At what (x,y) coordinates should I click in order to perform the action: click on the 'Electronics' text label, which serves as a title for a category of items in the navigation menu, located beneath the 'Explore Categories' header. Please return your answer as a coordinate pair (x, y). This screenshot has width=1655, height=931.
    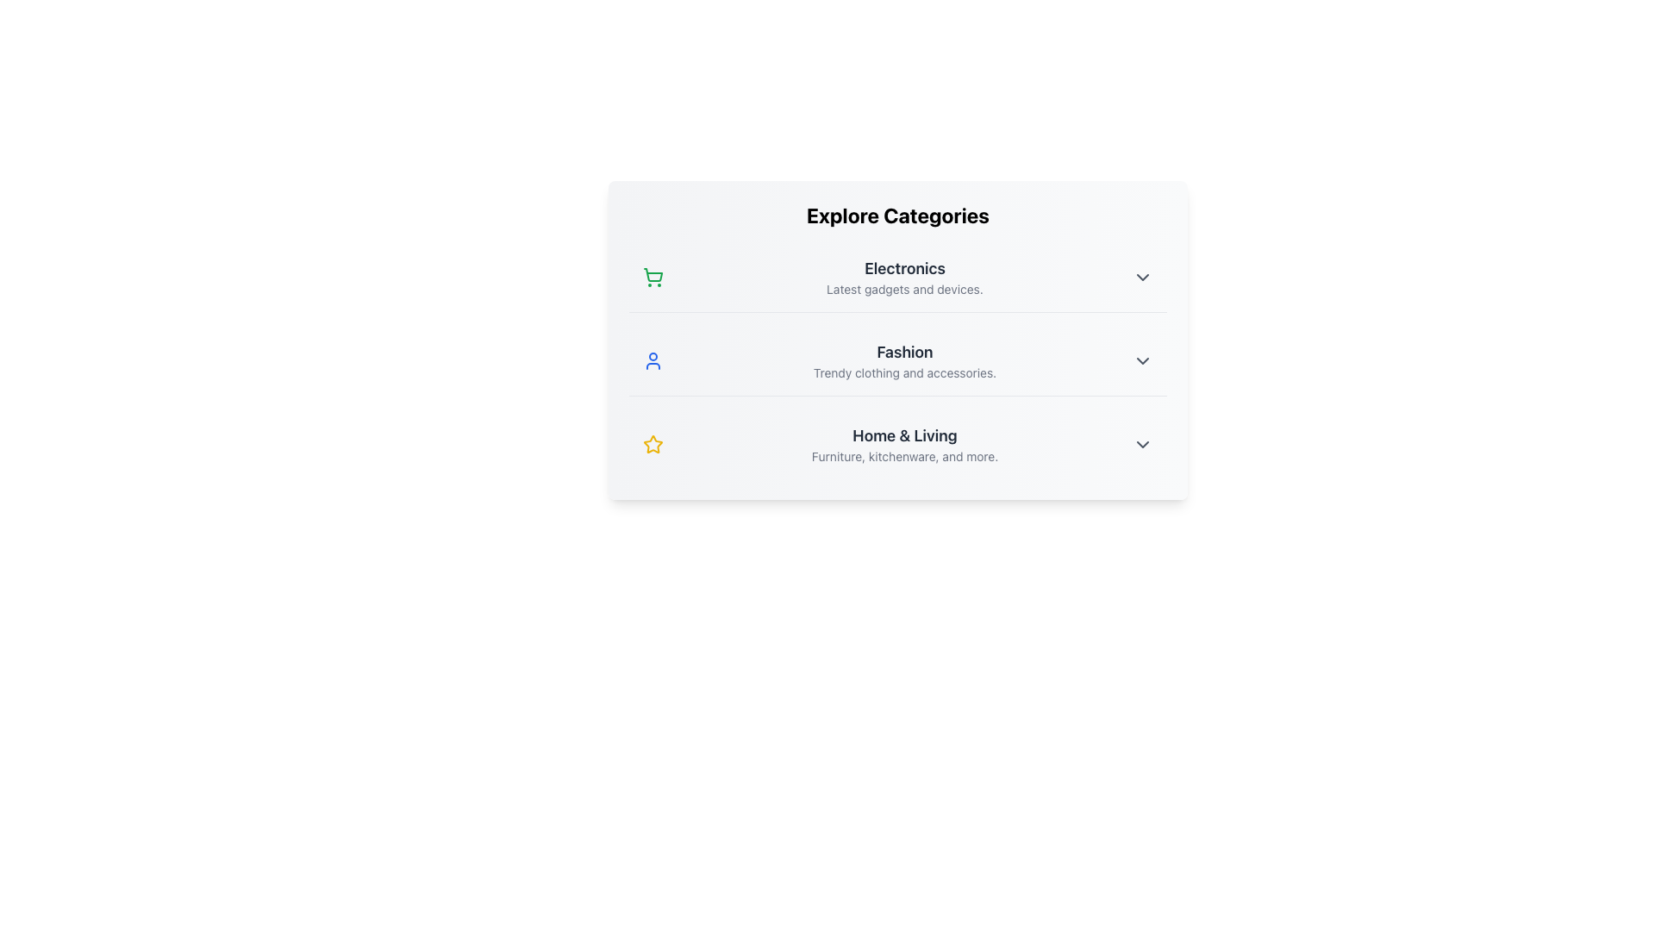
    Looking at the image, I should click on (904, 269).